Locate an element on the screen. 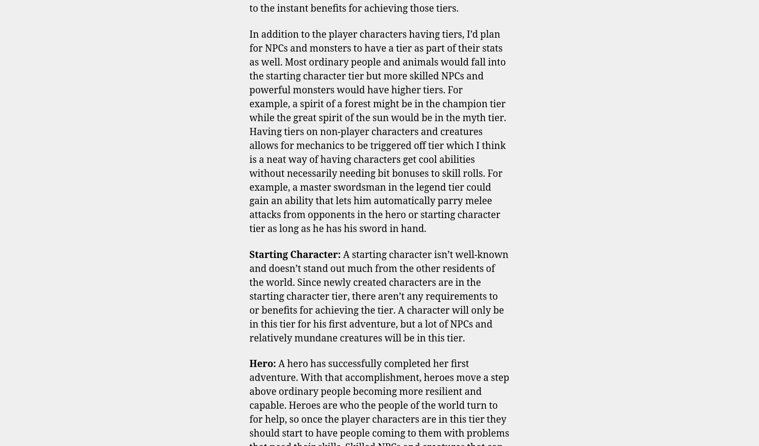 This screenshot has width=759, height=446. '[…] Dragon Age (and follow-up posts: Tiers, Talents, and […]' is located at coordinates (249, 214).